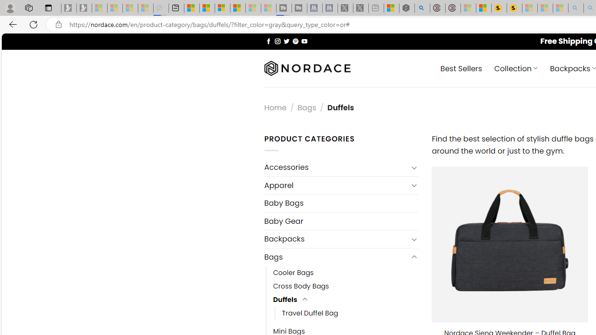  I want to click on 'Overview', so click(222, 8).